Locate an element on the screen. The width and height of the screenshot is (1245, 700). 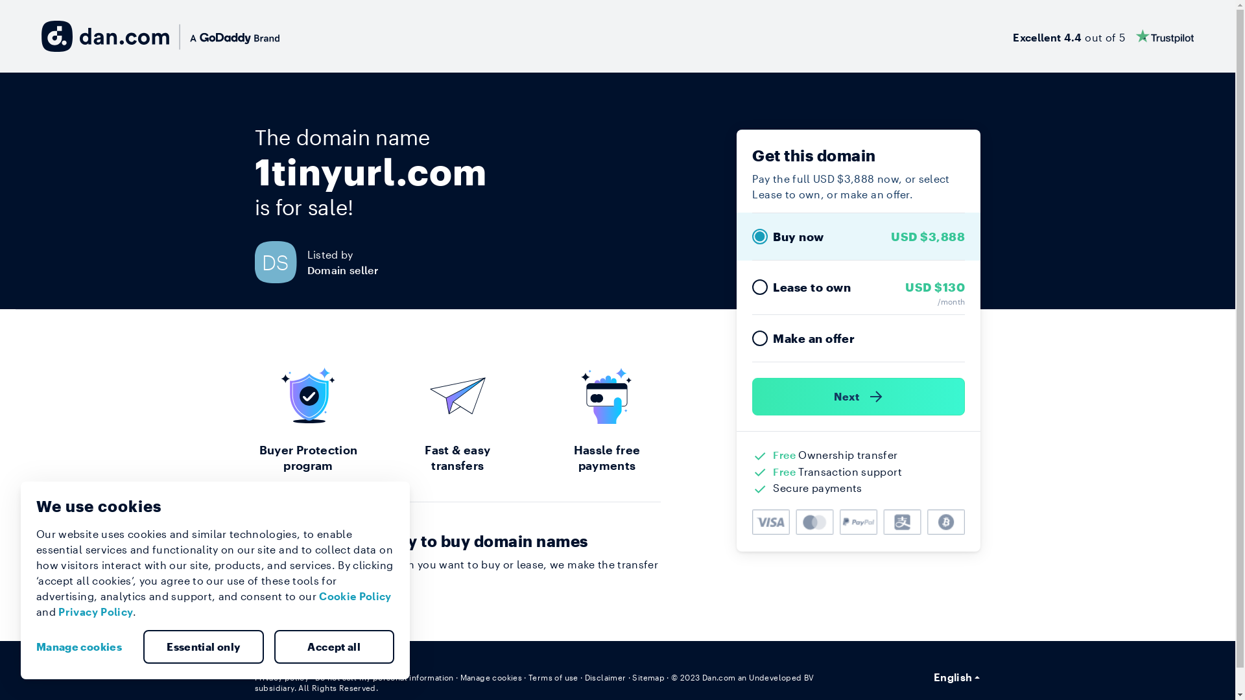
'Privacy Policy' is located at coordinates (95, 611).